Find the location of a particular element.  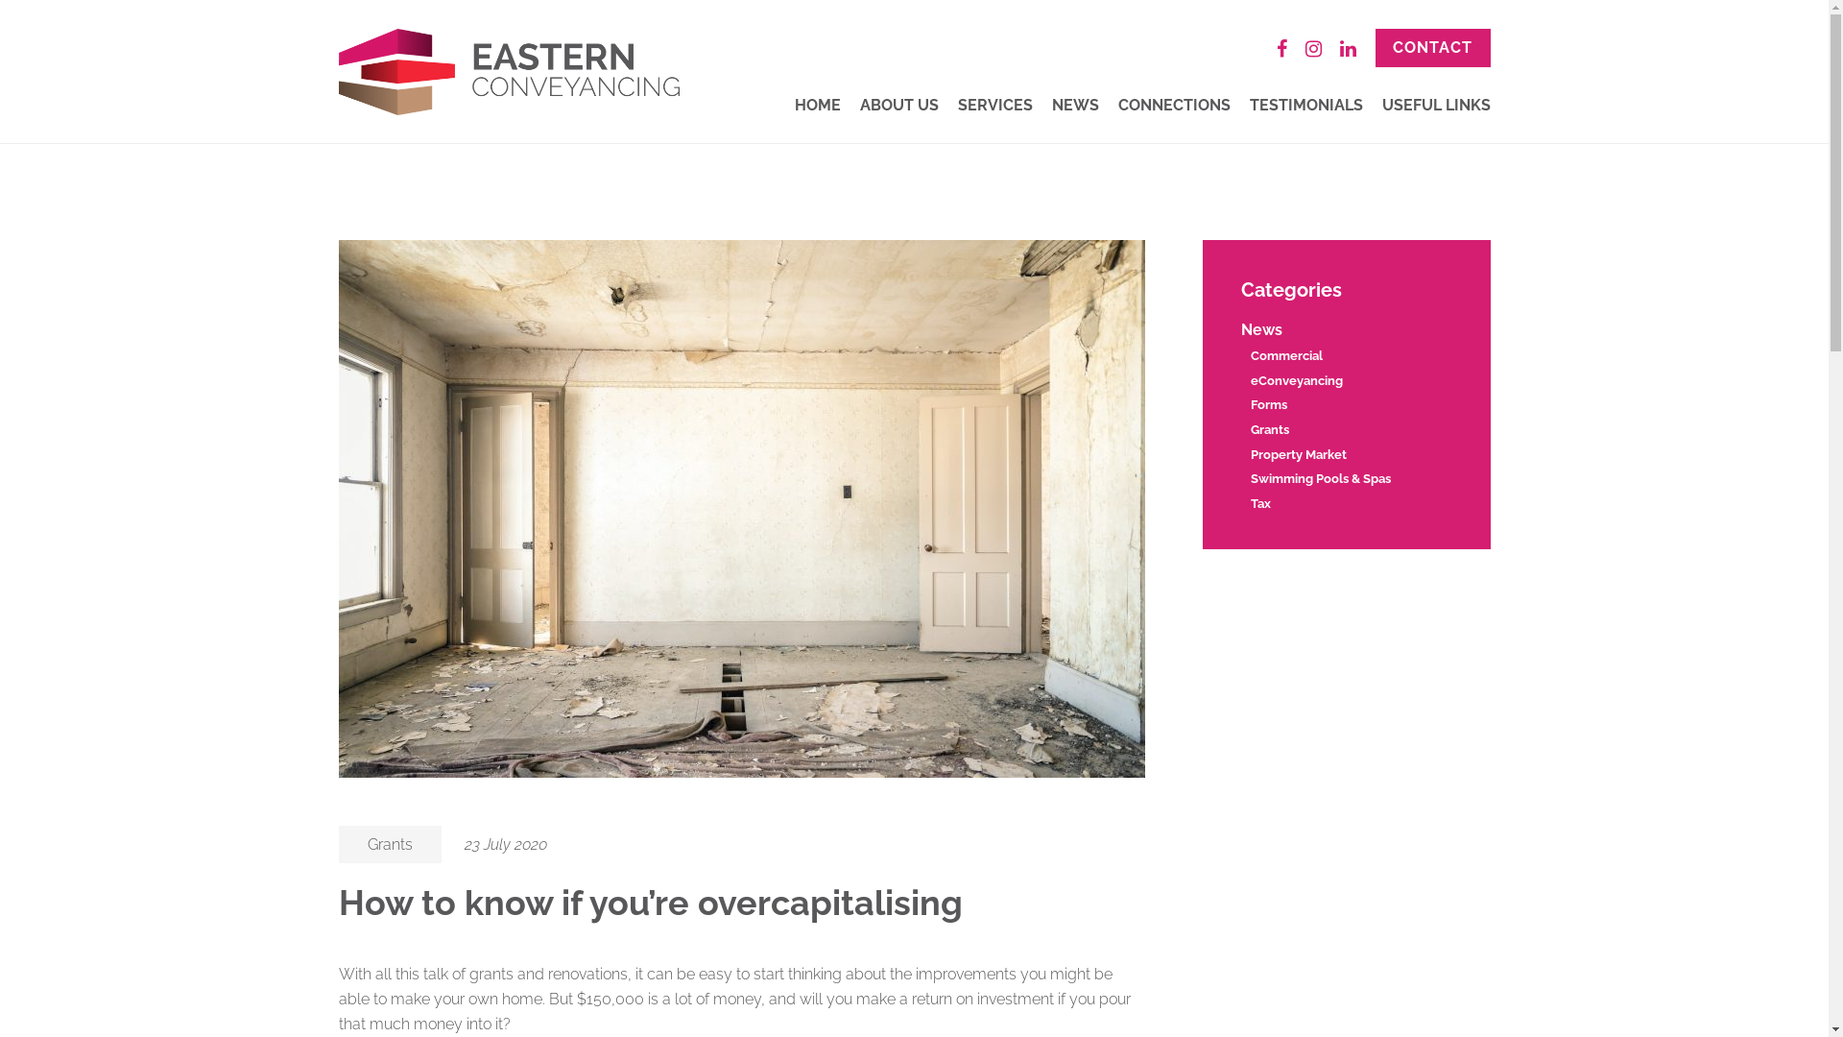

'Forms' is located at coordinates (1267, 403).